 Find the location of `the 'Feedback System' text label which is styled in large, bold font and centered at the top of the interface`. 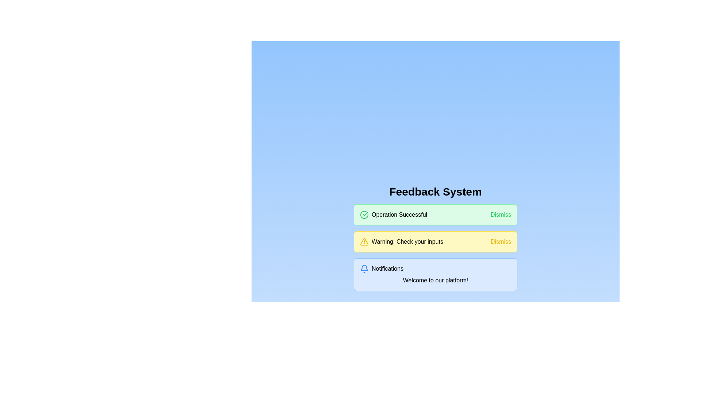

the 'Feedback System' text label which is styled in large, bold font and centered at the top of the interface is located at coordinates (436, 191).